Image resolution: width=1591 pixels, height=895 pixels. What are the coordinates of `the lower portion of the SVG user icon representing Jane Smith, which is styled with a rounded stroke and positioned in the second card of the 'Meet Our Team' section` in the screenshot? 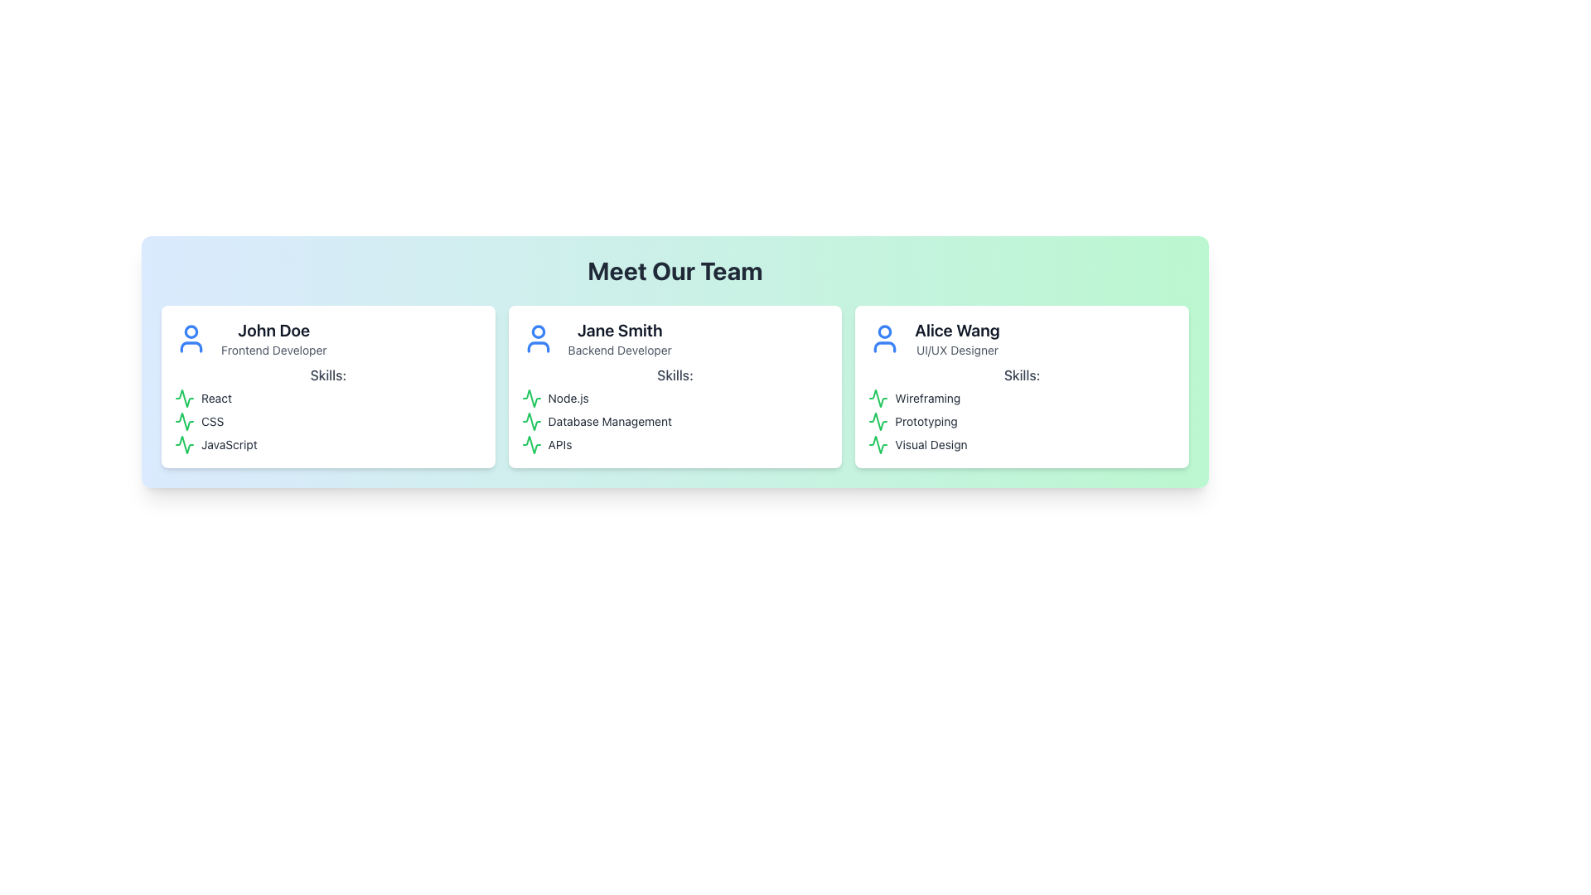 It's located at (538, 346).